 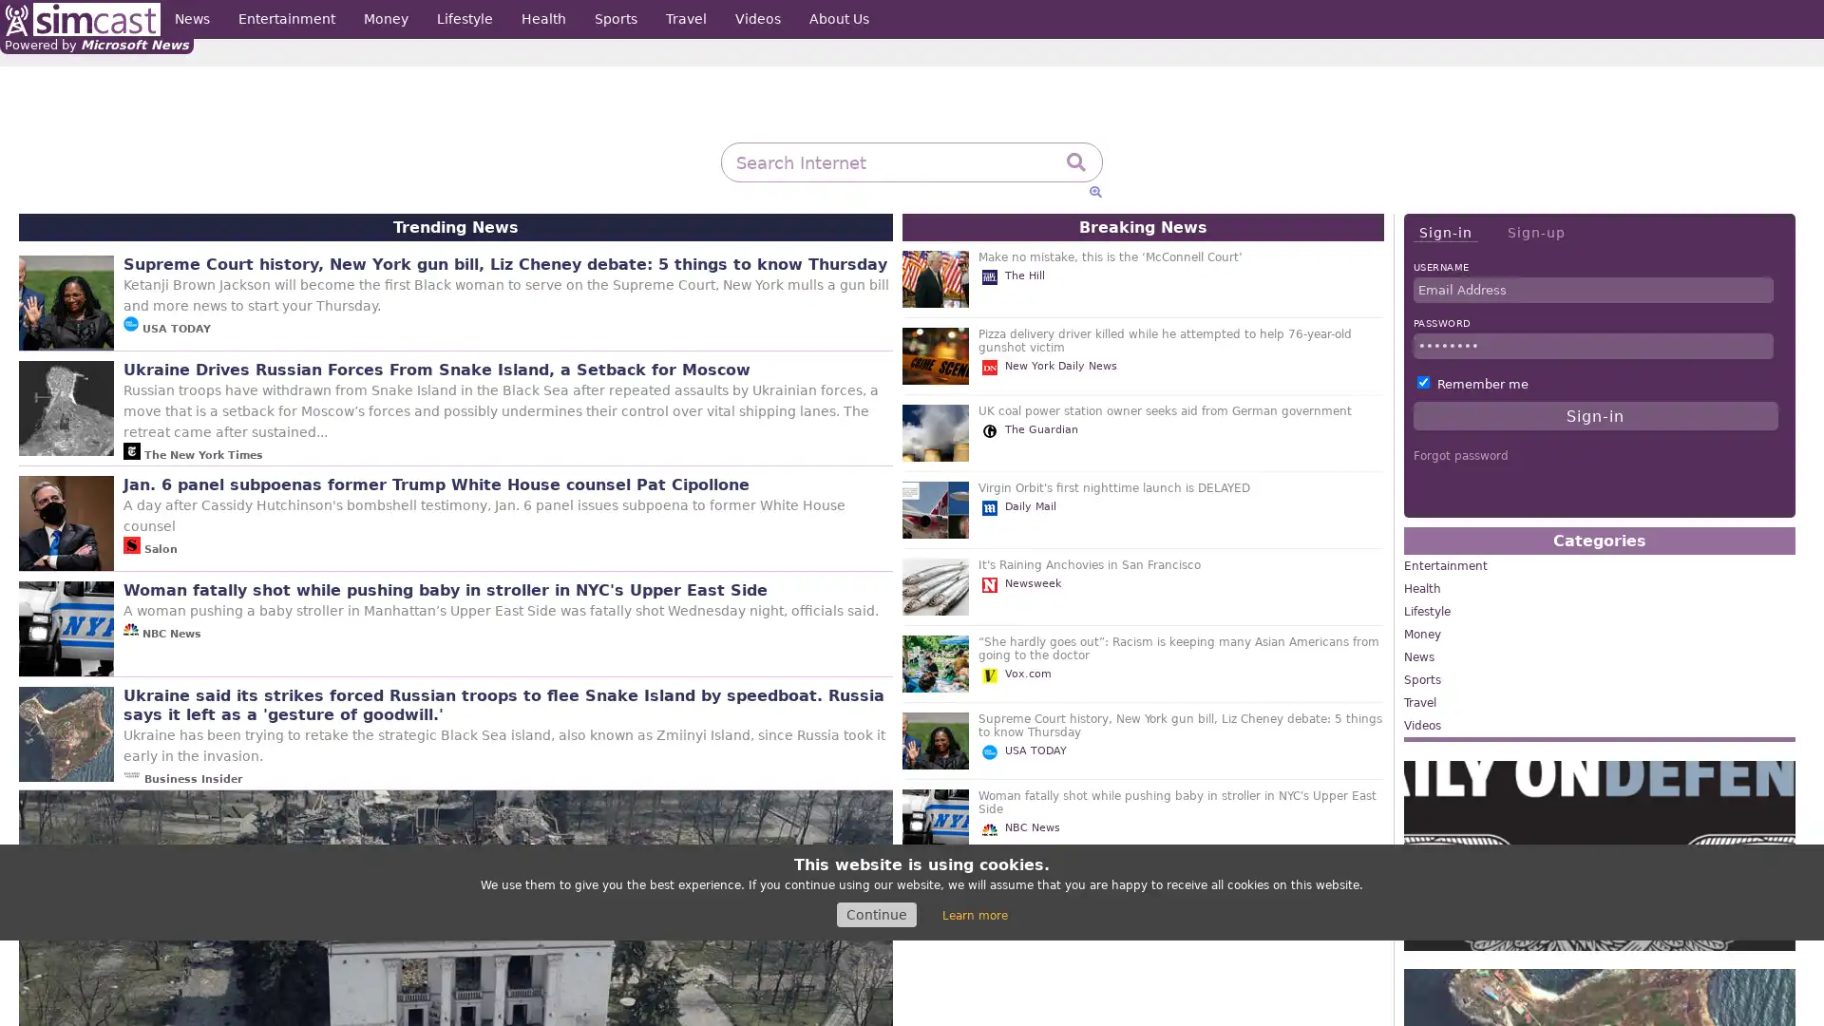 What do you see at coordinates (1535, 232) in the screenshot?
I see `Sign-up` at bounding box center [1535, 232].